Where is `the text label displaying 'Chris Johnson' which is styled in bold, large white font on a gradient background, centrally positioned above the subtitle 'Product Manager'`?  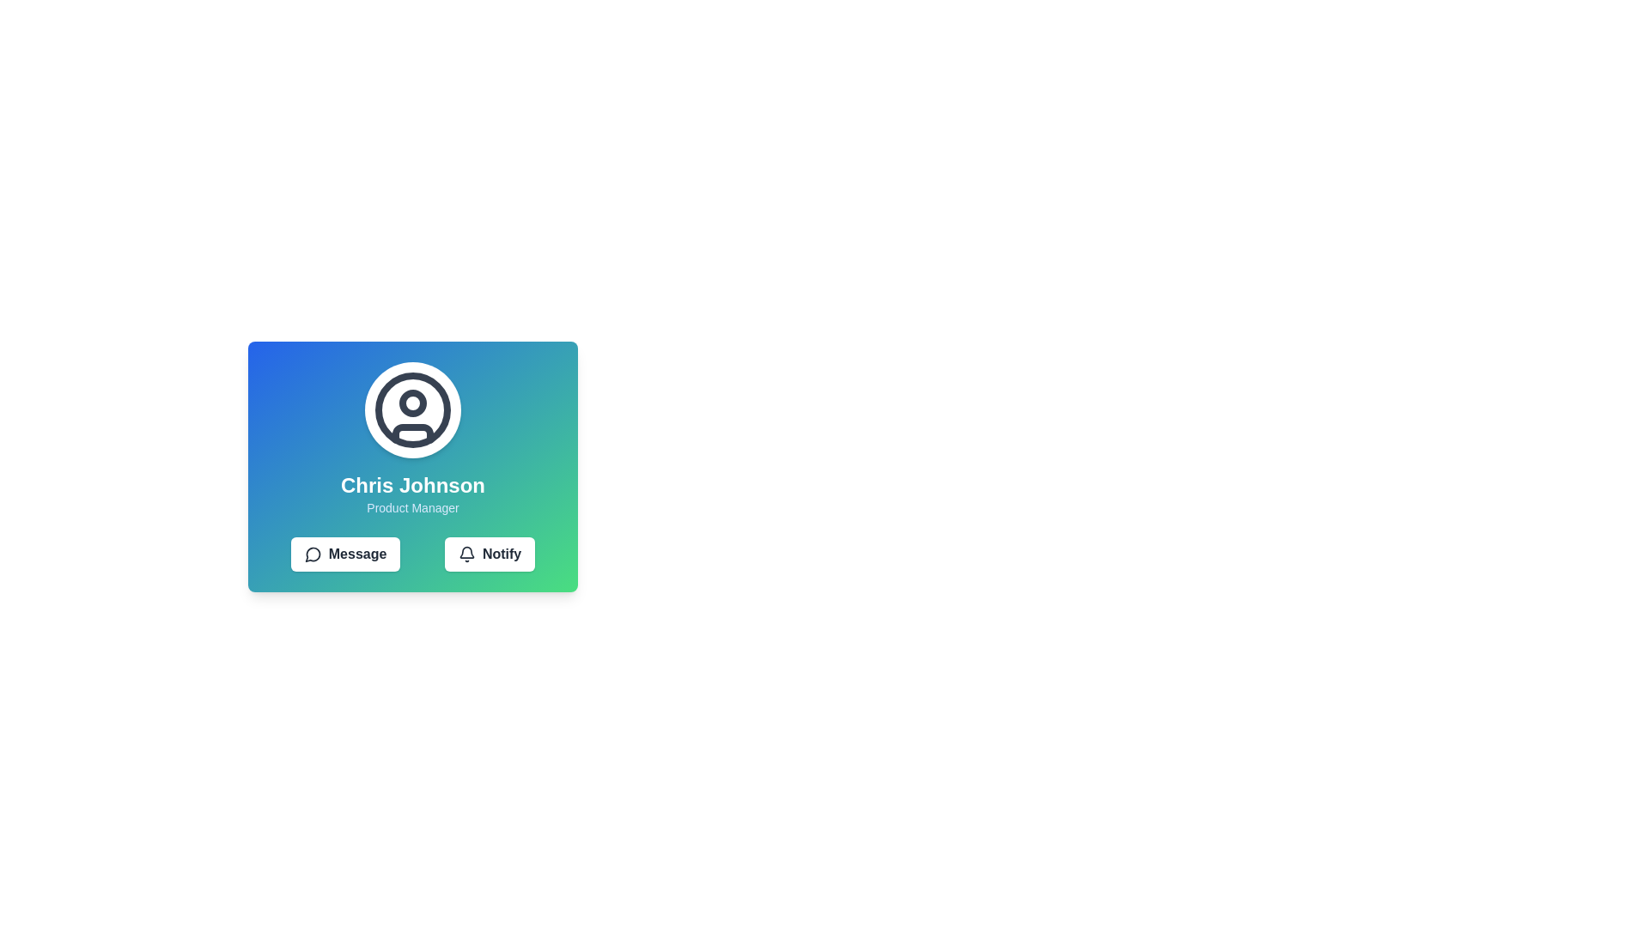
the text label displaying 'Chris Johnson' which is styled in bold, large white font on a gradient background, centrally positioned above the subtitle 'Product Manager' is located at coordinates (412, 486).